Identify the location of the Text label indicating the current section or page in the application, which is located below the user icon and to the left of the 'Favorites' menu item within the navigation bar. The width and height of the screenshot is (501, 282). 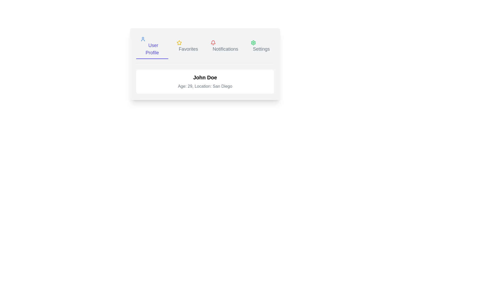
(152, 49).